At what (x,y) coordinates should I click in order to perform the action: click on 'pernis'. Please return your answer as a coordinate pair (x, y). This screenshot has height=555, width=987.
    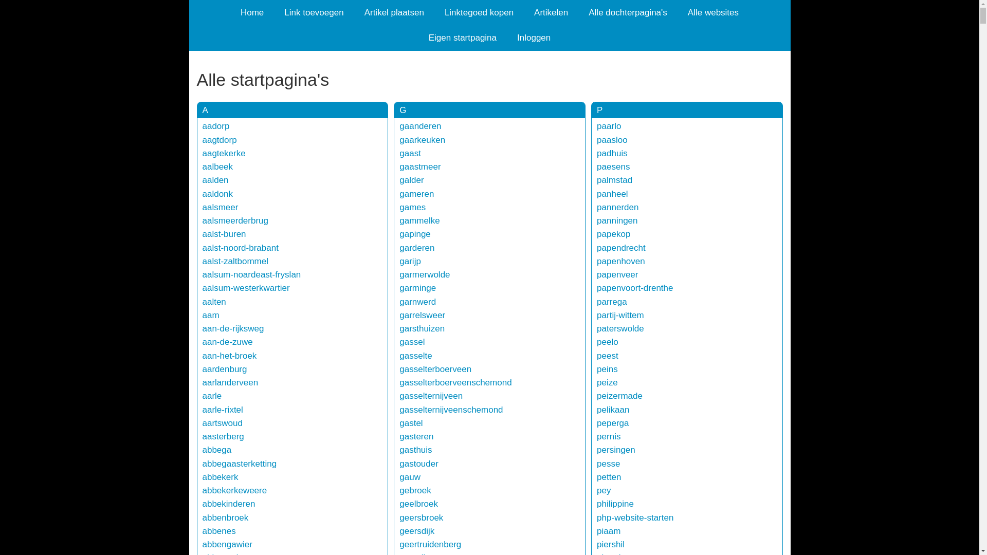
    Looking at the image, I should click on (609, 436).